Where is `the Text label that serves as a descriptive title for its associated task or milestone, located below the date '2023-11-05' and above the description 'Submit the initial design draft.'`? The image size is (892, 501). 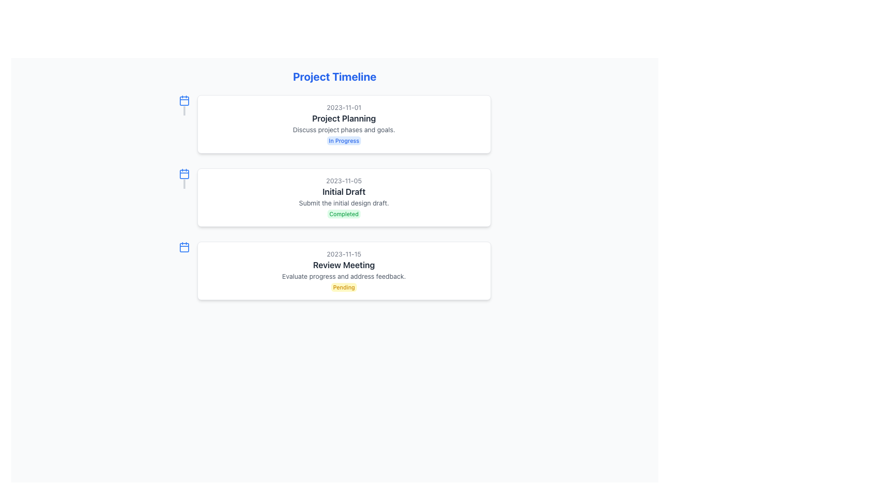
the Text label that serves as a descriptive title for its associated task or milestone, located below the date '2023-11-05' and above the description 'Submit the initial design draft.' is located at coordinates (343, 191).